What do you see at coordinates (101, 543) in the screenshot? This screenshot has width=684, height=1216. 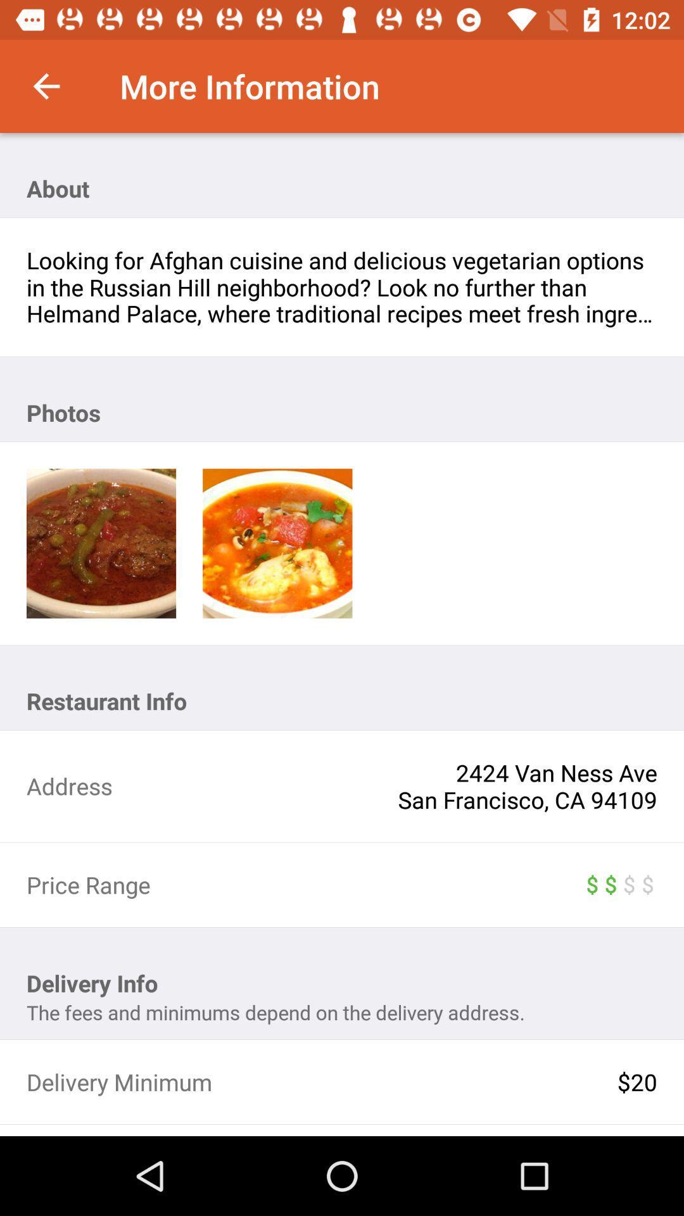 I see `the item above restaurant info item` at bounding box center [101, 543].